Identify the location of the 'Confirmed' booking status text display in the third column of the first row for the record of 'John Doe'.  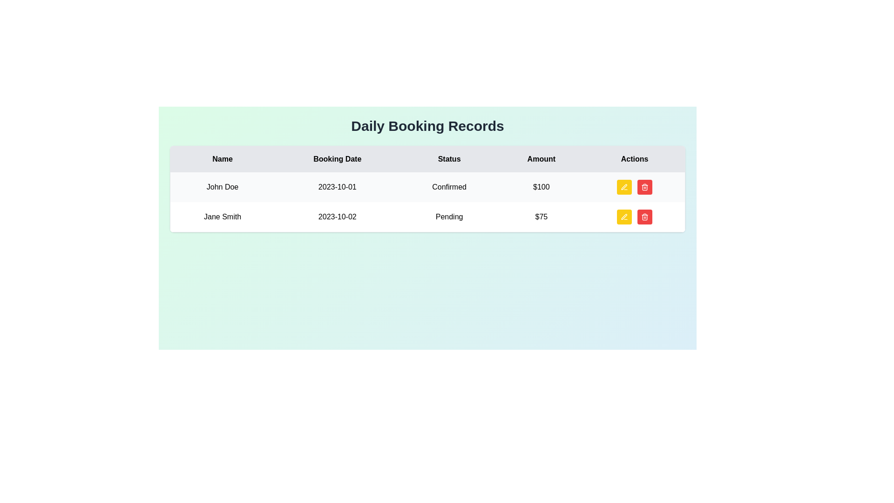
(449, 187).